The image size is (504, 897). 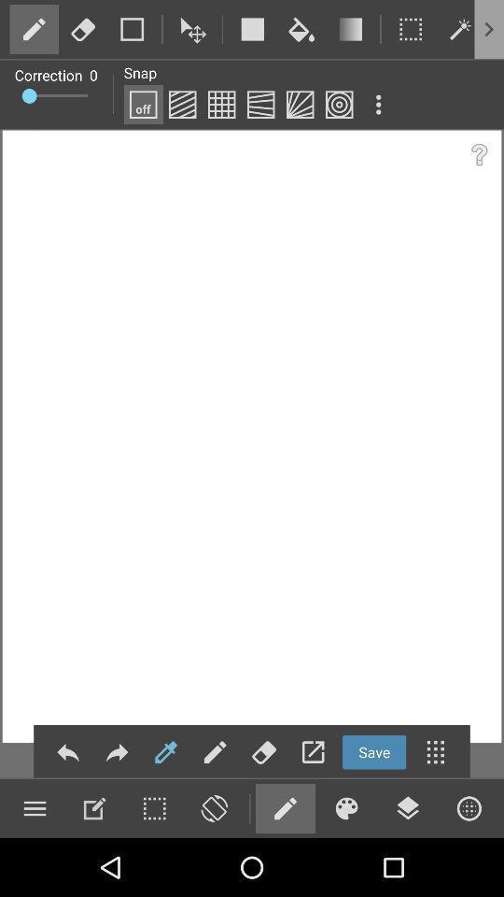 I want to click on the edit icon, so click(x=285, y=807).